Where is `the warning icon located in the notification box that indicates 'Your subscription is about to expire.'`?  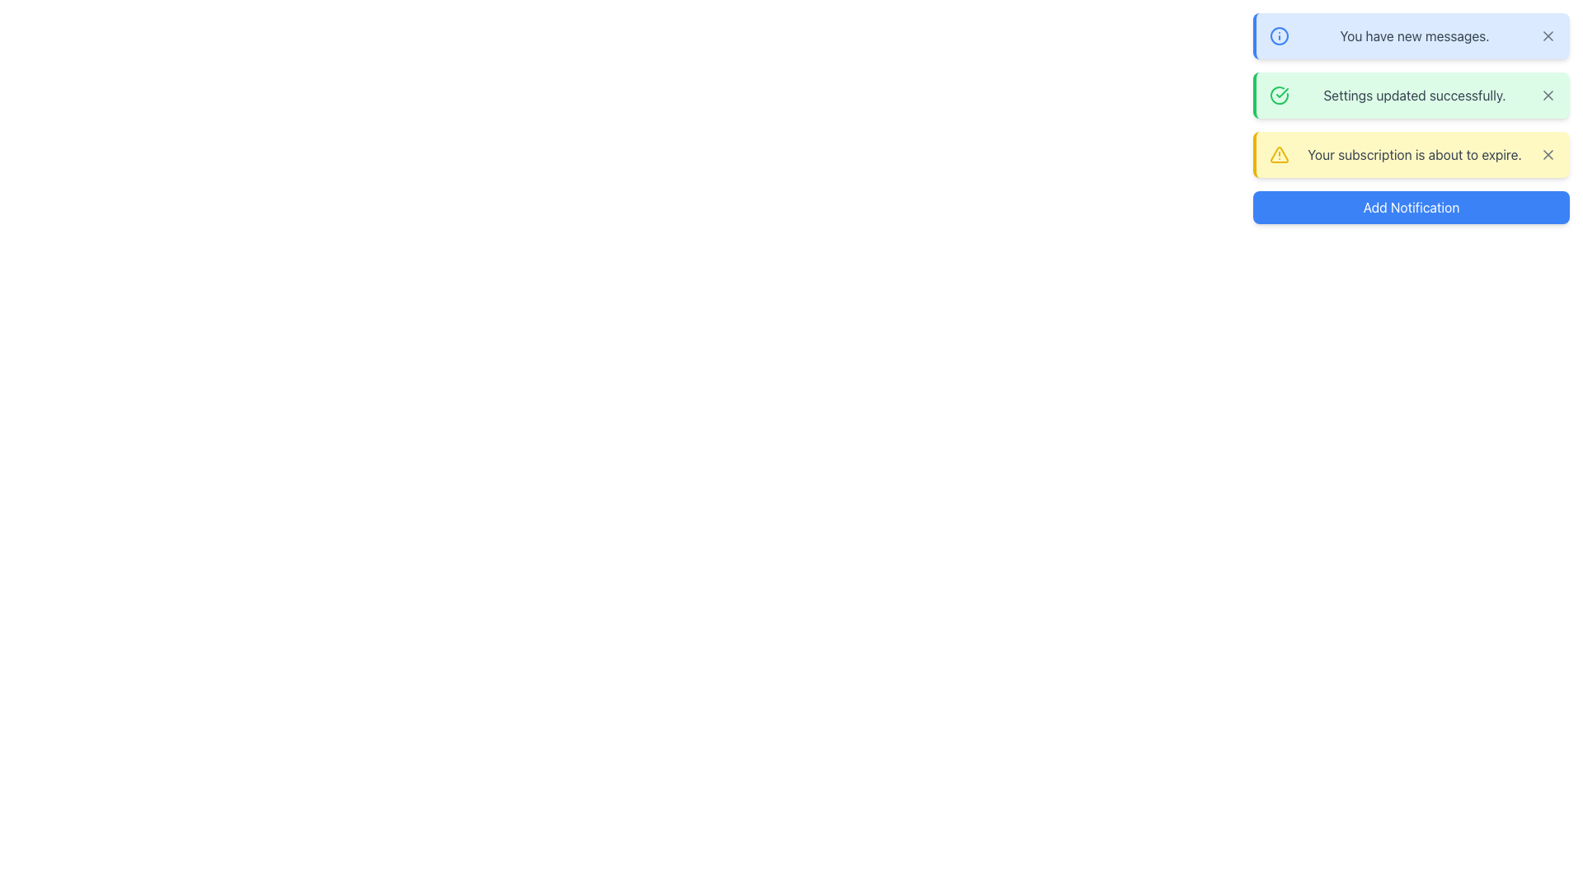
the warning icon located in the notification box that indicates 'Your subscription is about to expire.' is located at coordinates (1278, 155).